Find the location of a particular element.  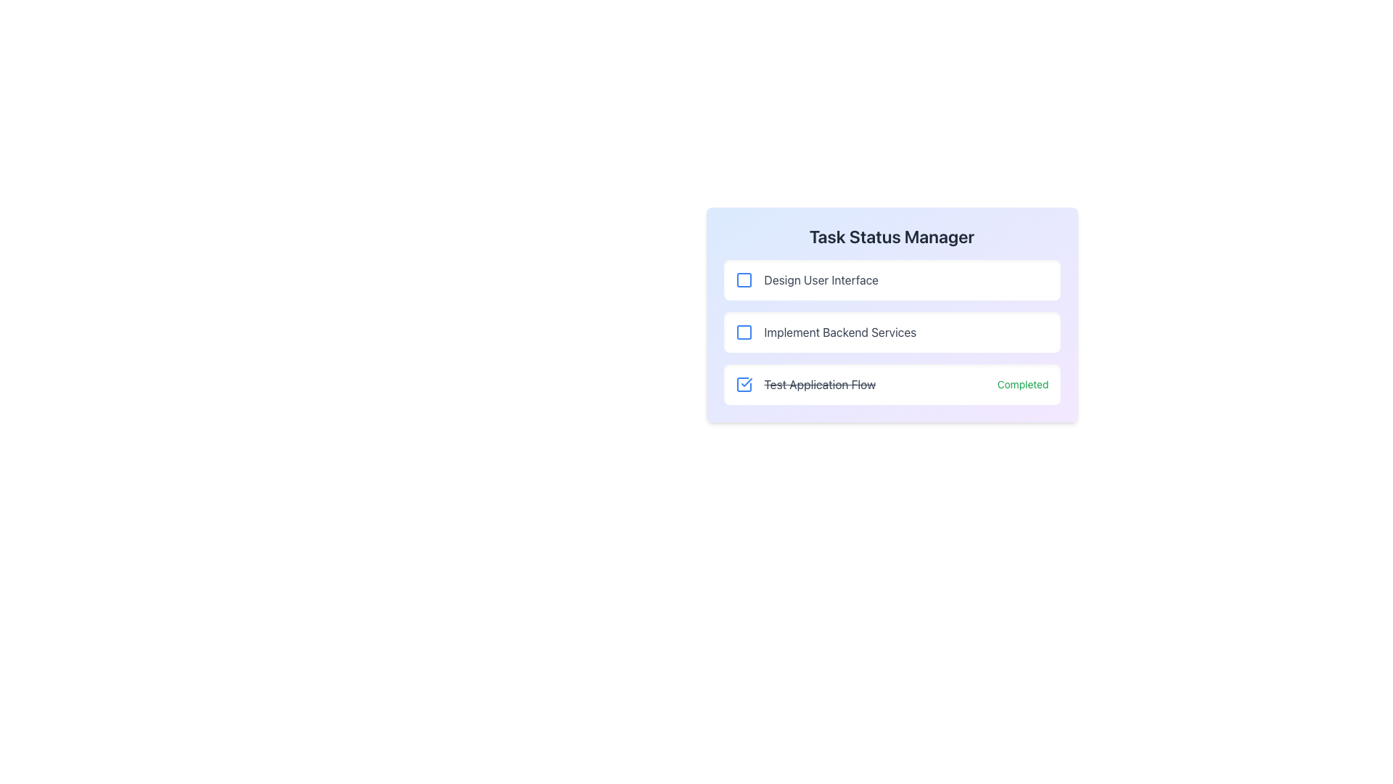

the Checkbox icon for the 'Test Application Flow' task is located at coordinates (744, 383).